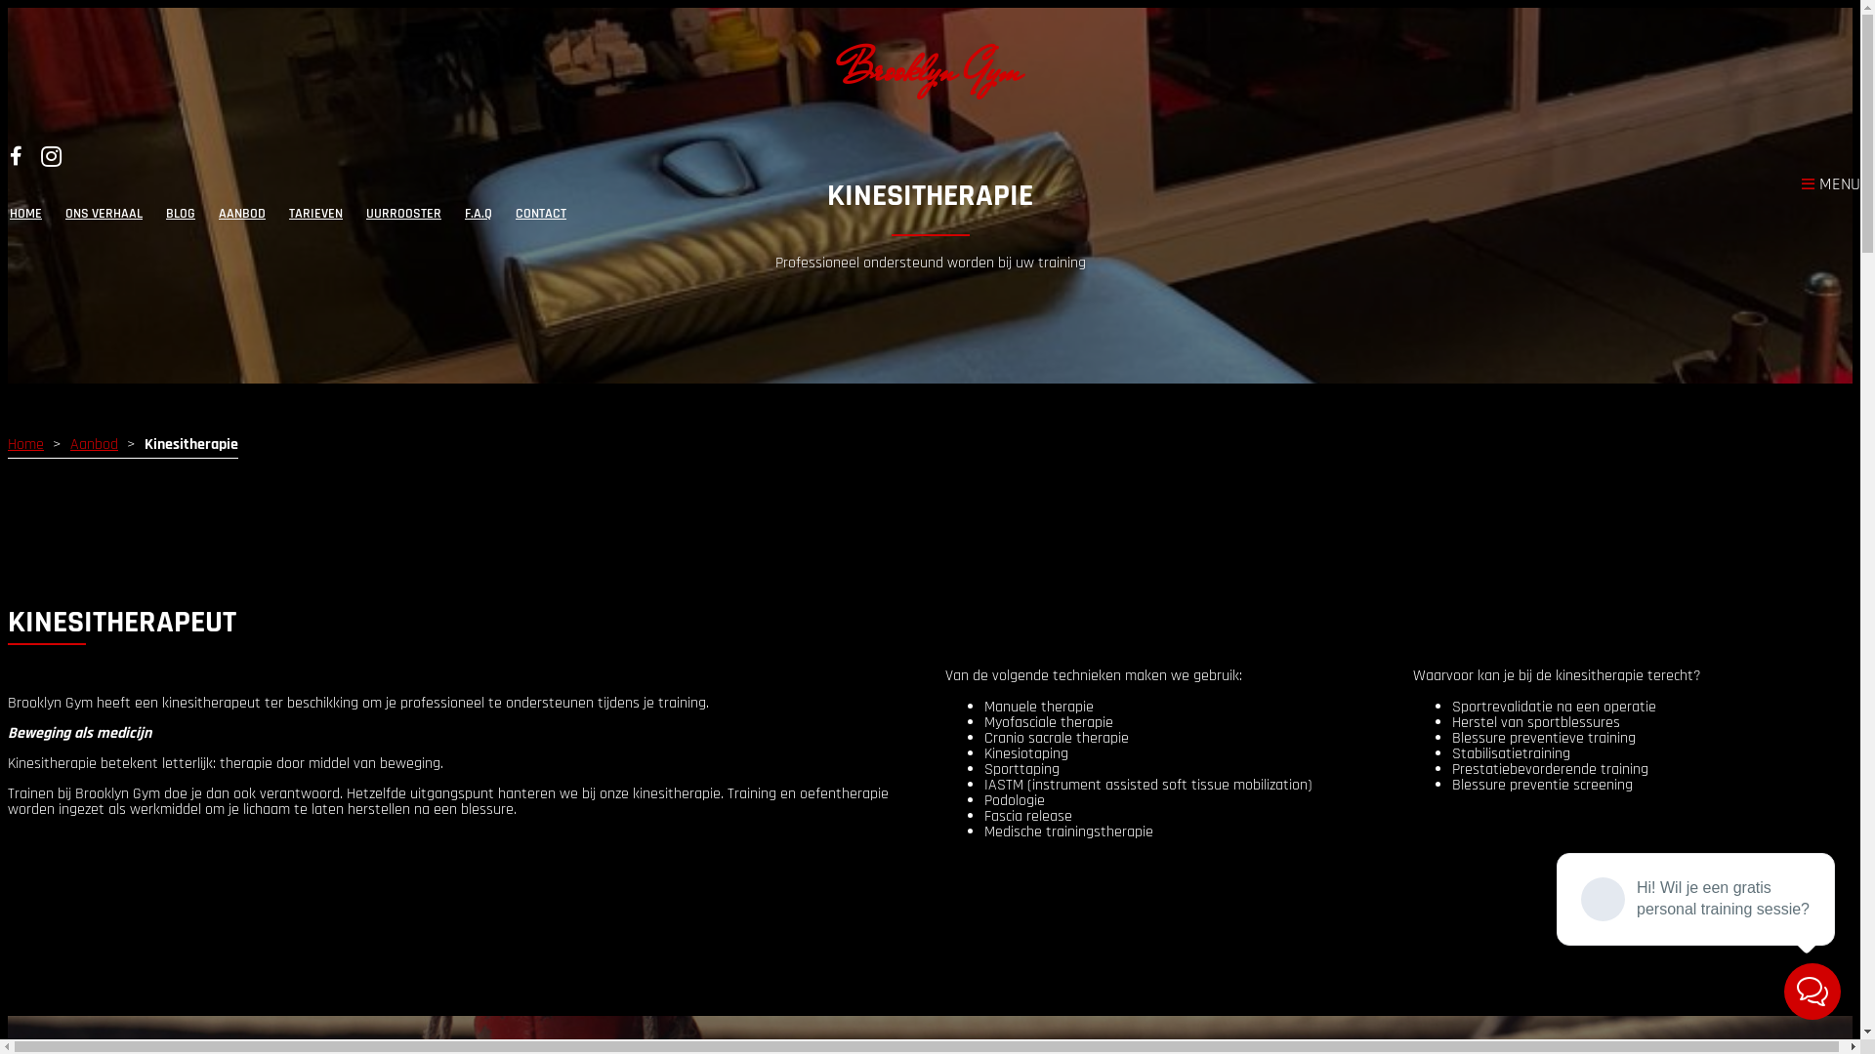  Describe the element at coordinates (540, 214) in the screenshot. I see `'CONTACT'` at that location.